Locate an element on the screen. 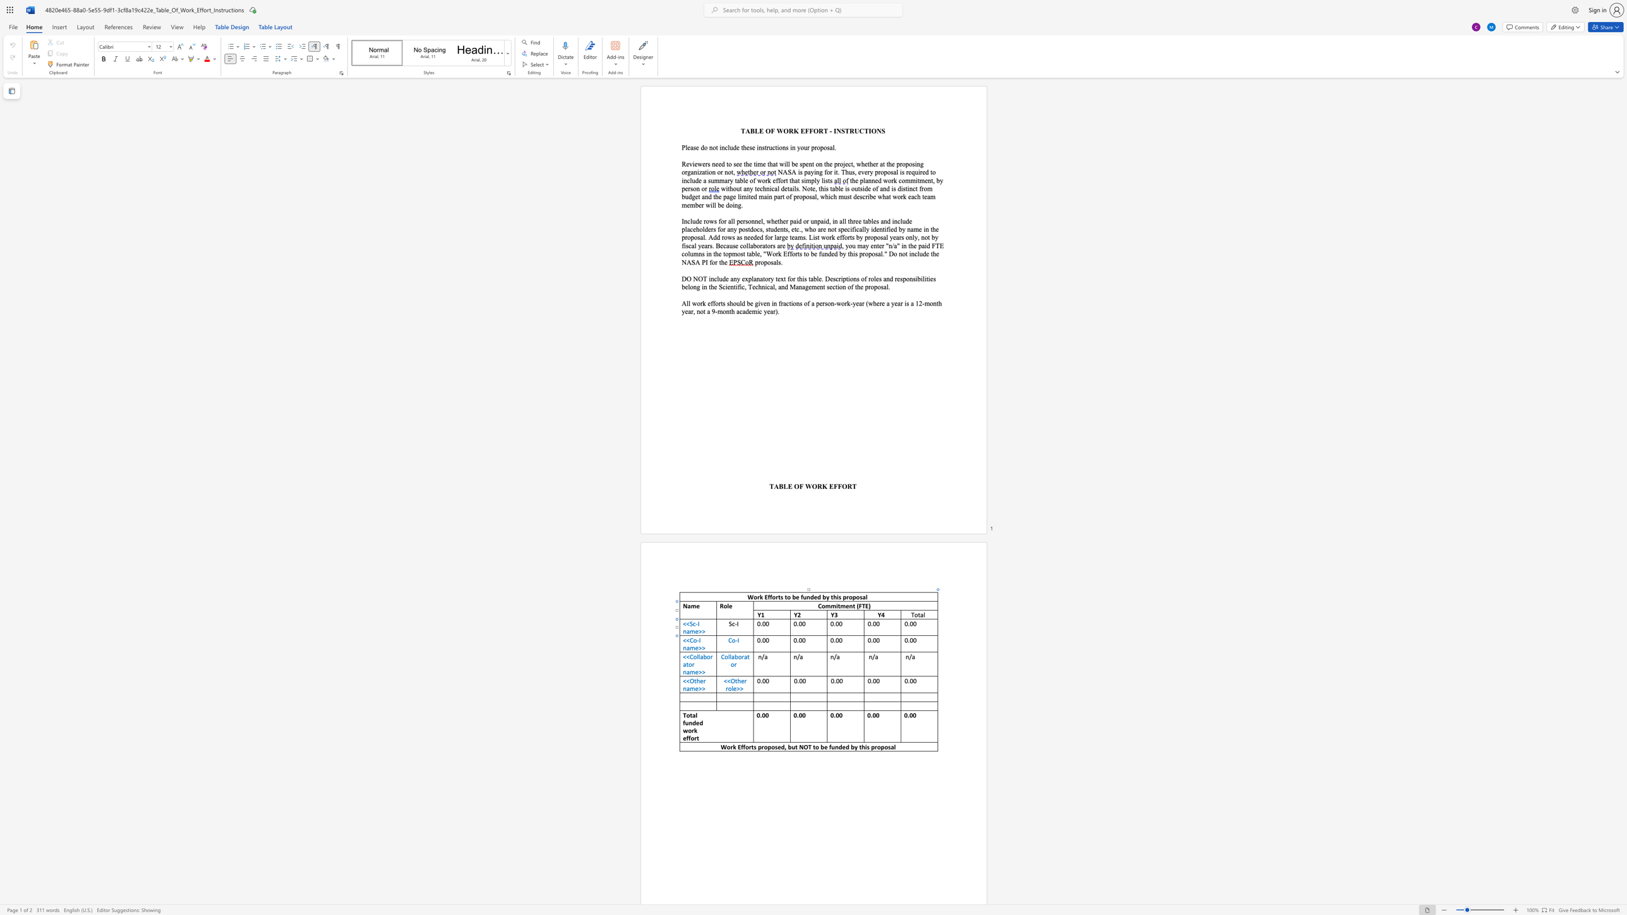 This screenshot has height=915, width=1627. the space between the continuous character "C" and "o" in the text is located at coordinates (693, 656).